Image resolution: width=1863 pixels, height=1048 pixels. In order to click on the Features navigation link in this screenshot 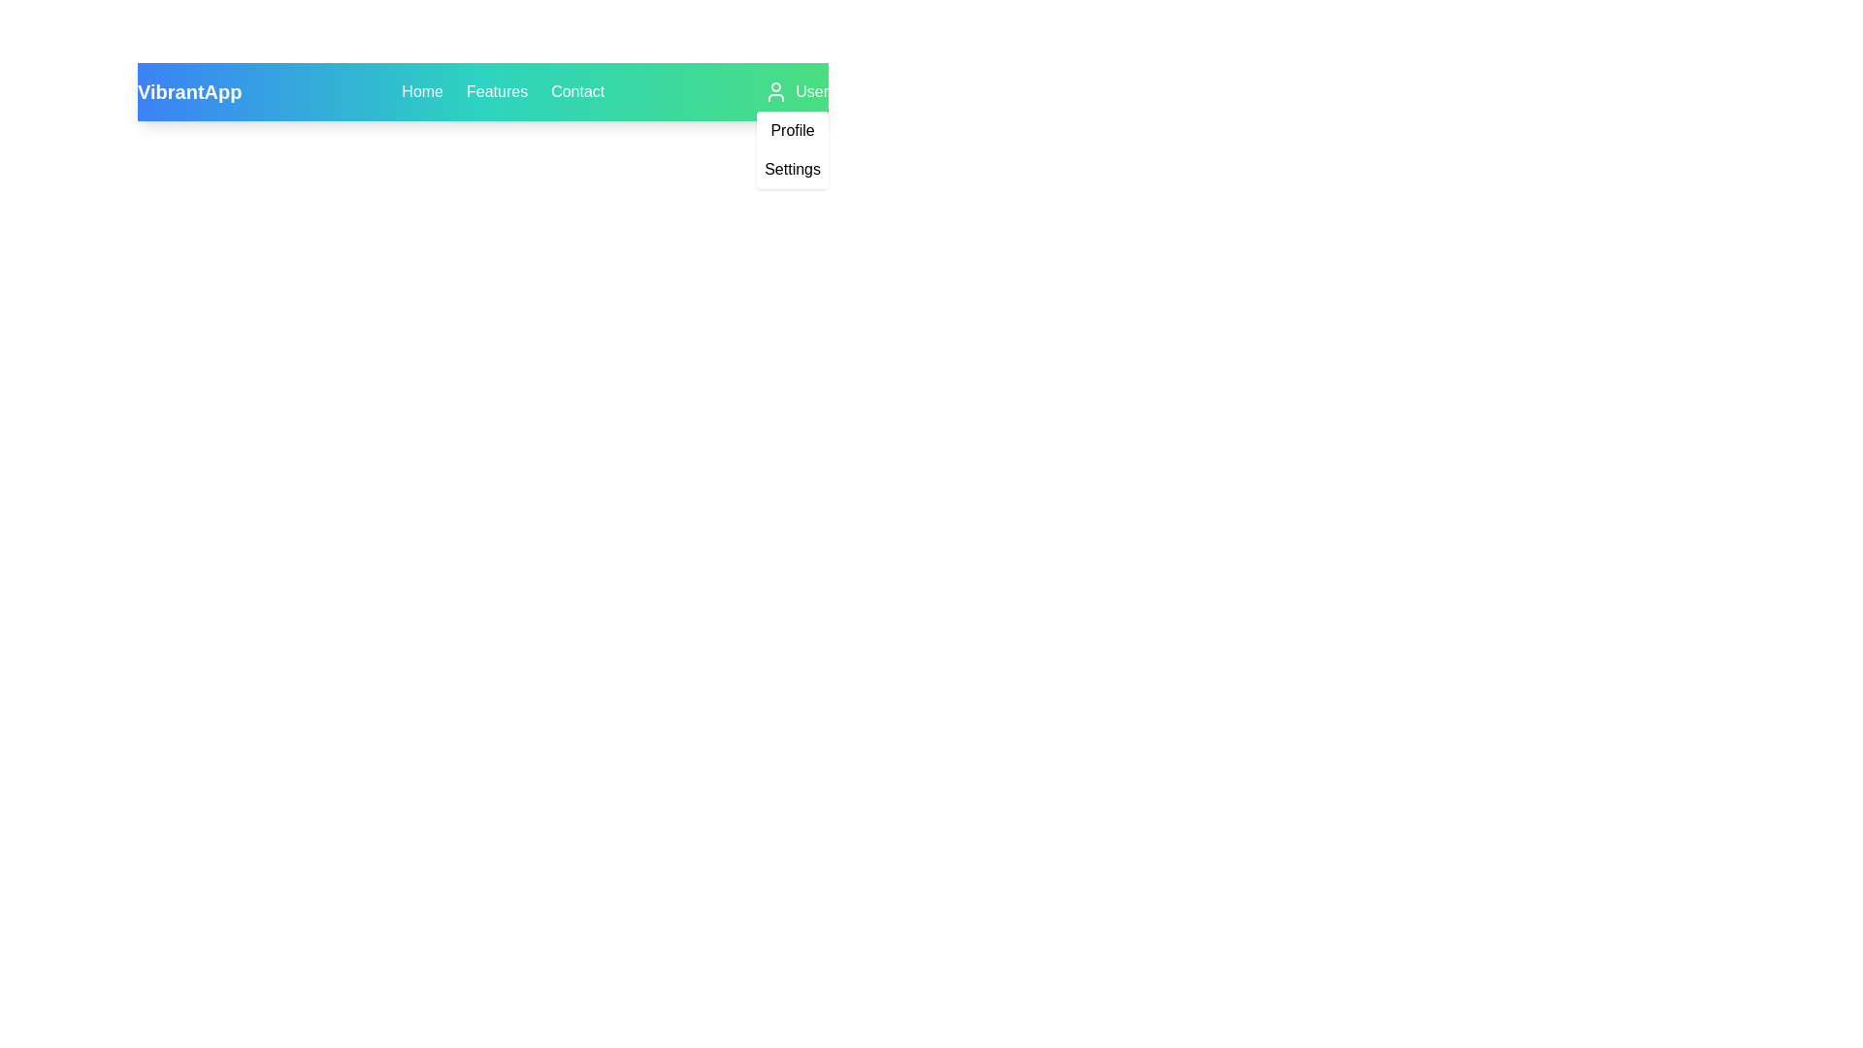, I will do `click(497, 92)`.